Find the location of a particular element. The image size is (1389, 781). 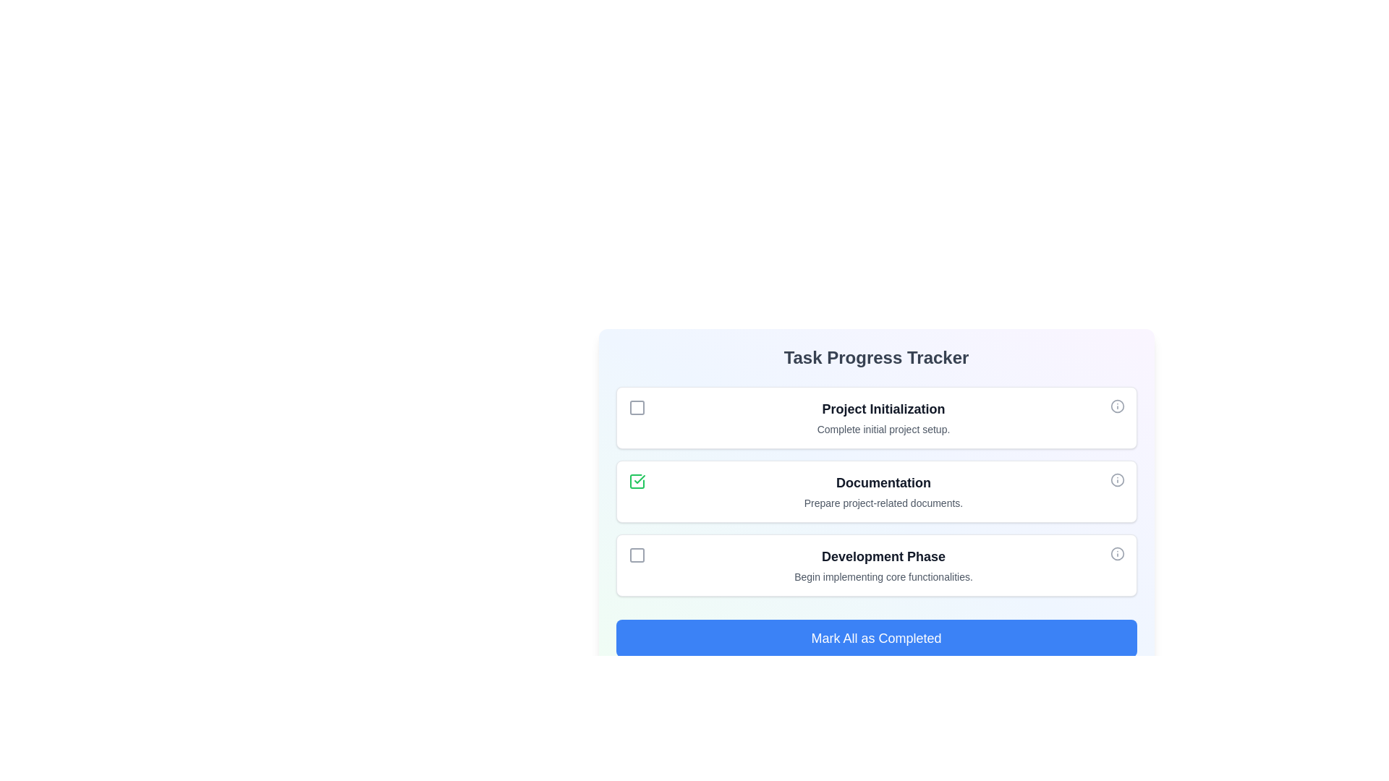

the circle element located in the upper-right corner of the 'Project Initialization' section within the task list interface is located at coordinates (1116, 406).